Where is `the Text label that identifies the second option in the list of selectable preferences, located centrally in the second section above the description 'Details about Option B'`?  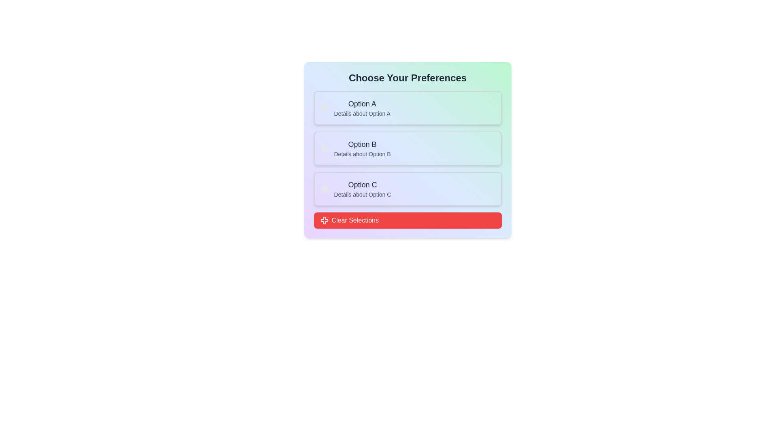
the Text label that identifies the second option in the list of selectable preferences, located centrally in the second section above the description 'Details about Option B' is located at coordinates (362, 144).